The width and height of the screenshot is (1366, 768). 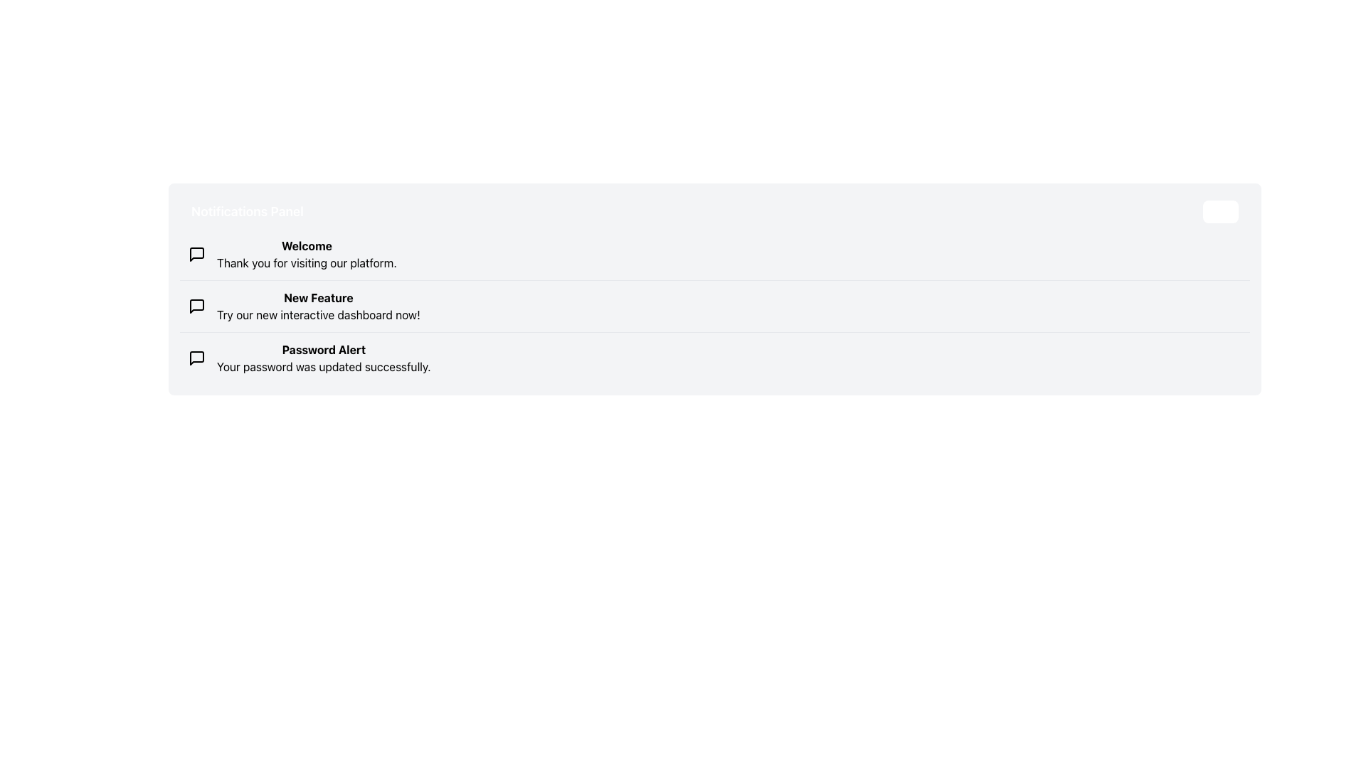 I want to click on text block containing 'Welcome' and 'Thank you for visiting our platform.' that is the first notification entry in the notification panel below the message icon, so click(x=306, y=254).